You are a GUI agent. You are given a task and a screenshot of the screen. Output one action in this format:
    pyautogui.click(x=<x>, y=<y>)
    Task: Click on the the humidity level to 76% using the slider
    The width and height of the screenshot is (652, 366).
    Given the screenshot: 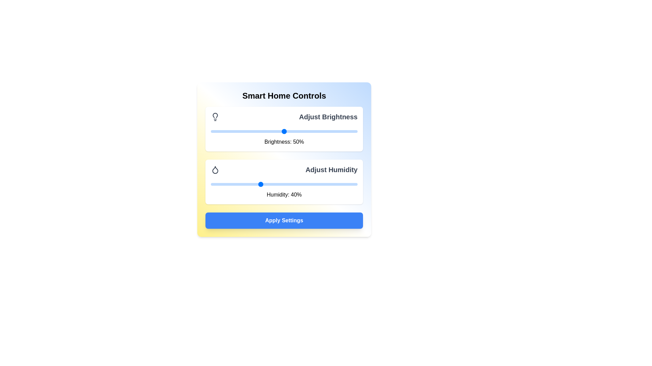 What is the action you would take?
    pyautogui.click(x=348, y=184)
    